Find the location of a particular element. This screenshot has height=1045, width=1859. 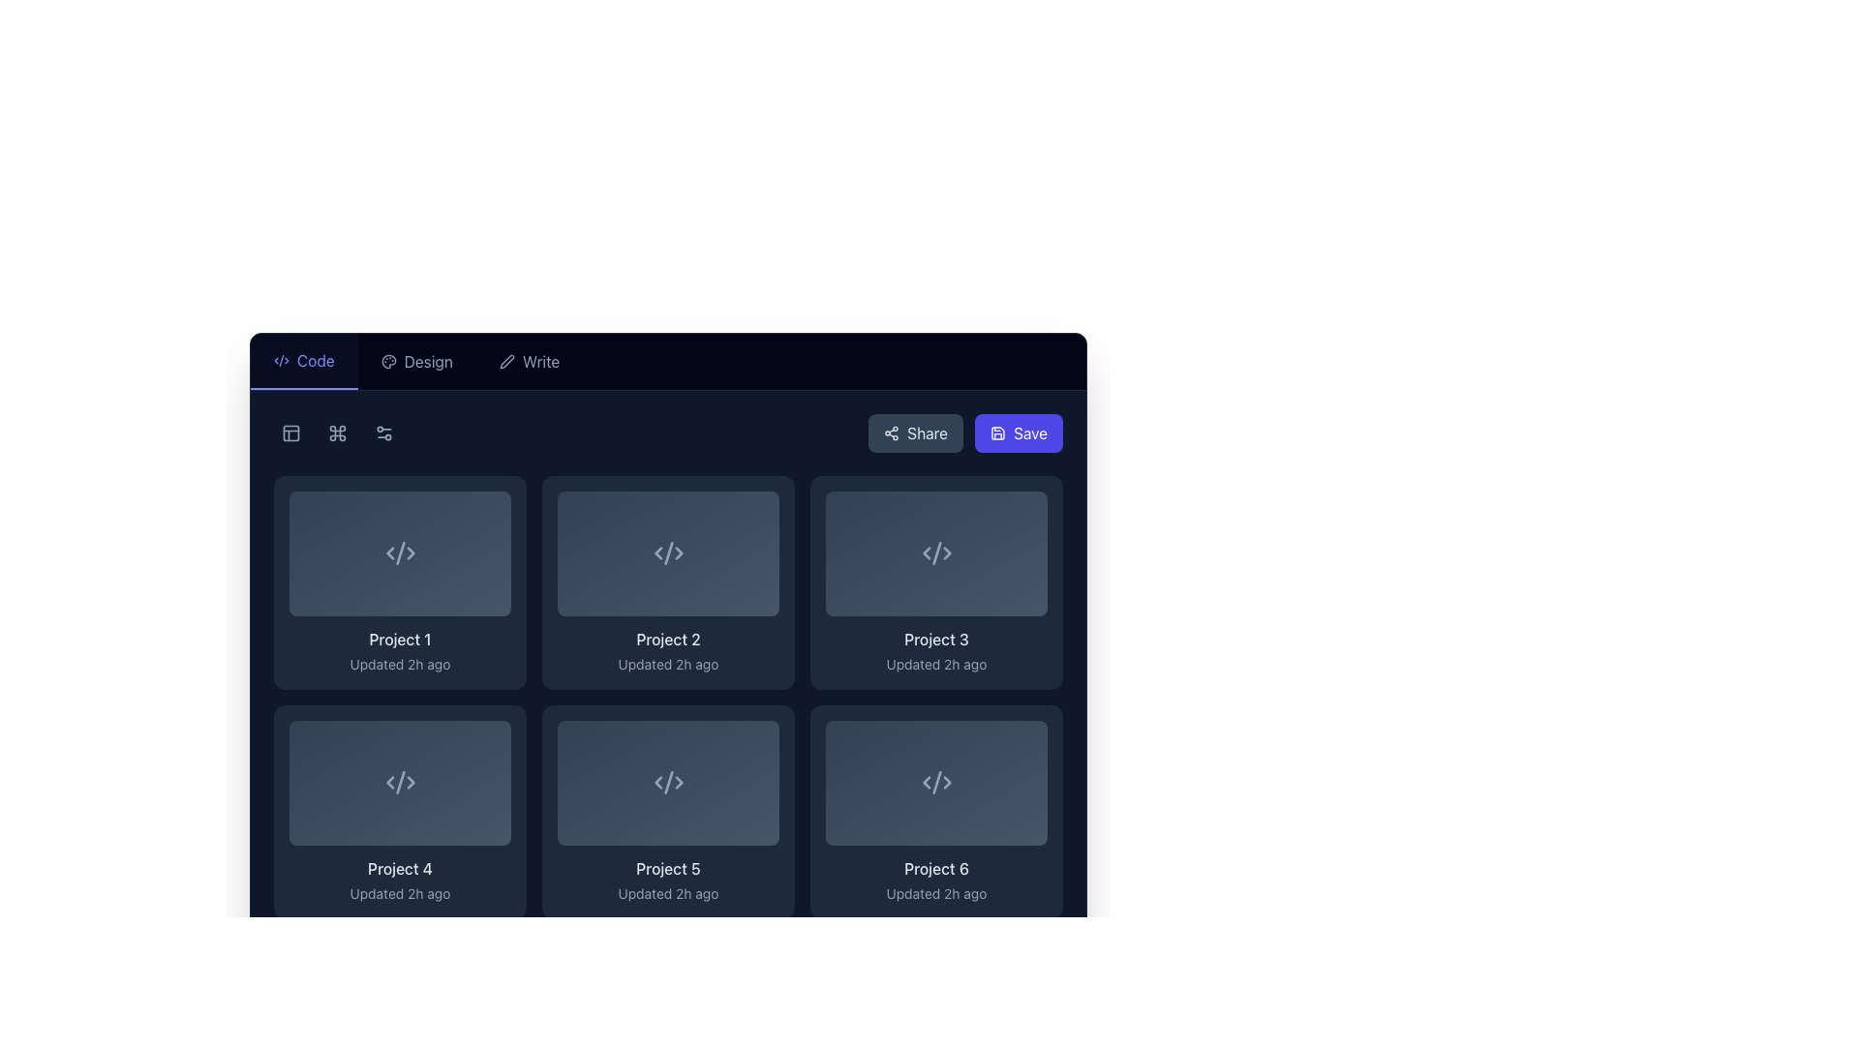

the icon located in the top-right corner of the 'Project 5' item to interact with related functions is located at coordinates (776, 724).